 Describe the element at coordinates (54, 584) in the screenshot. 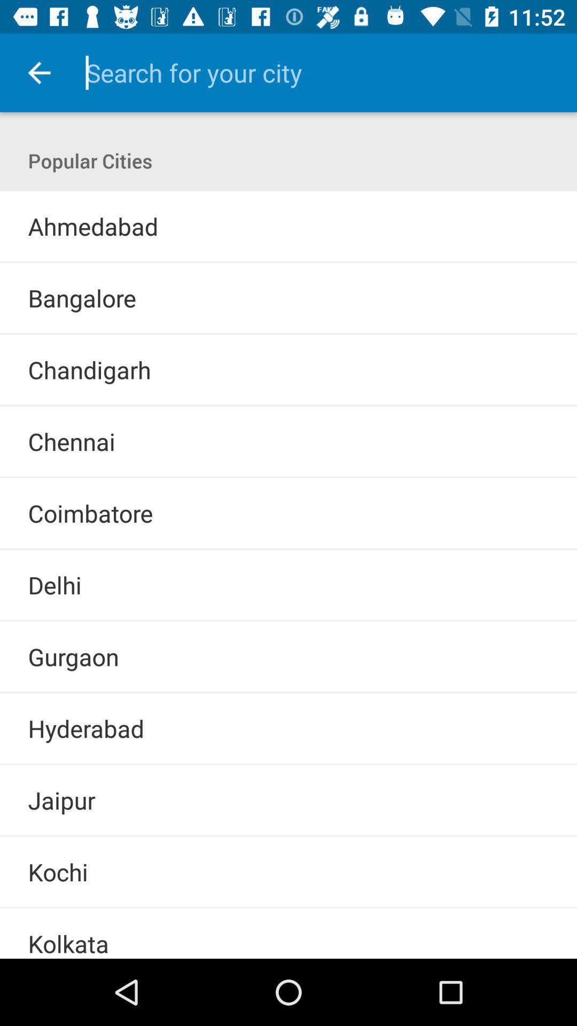

I see `delhi` at that location.